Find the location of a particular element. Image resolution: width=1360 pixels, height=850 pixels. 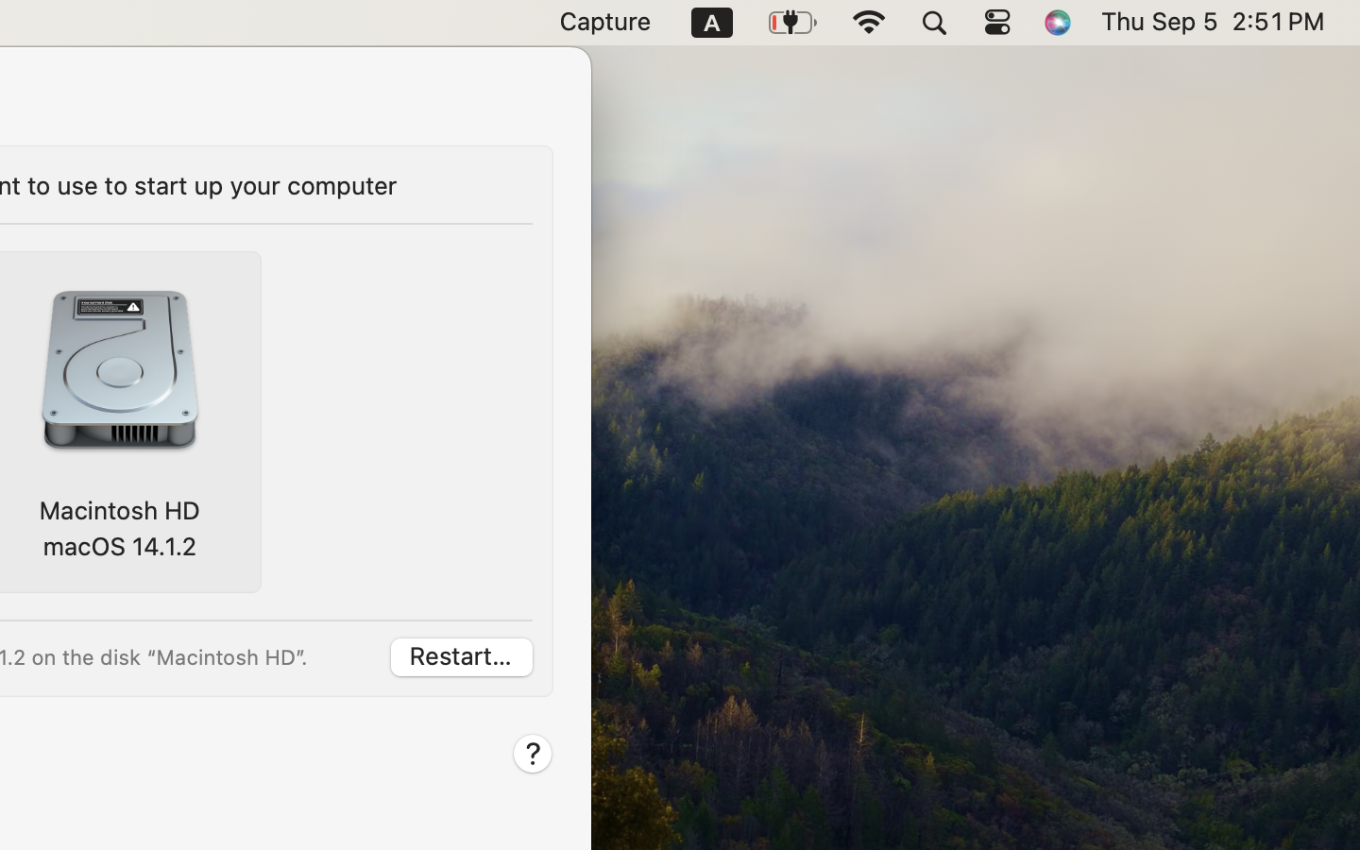

'macOS 14.1.2' is located at coordinates (117, 545).